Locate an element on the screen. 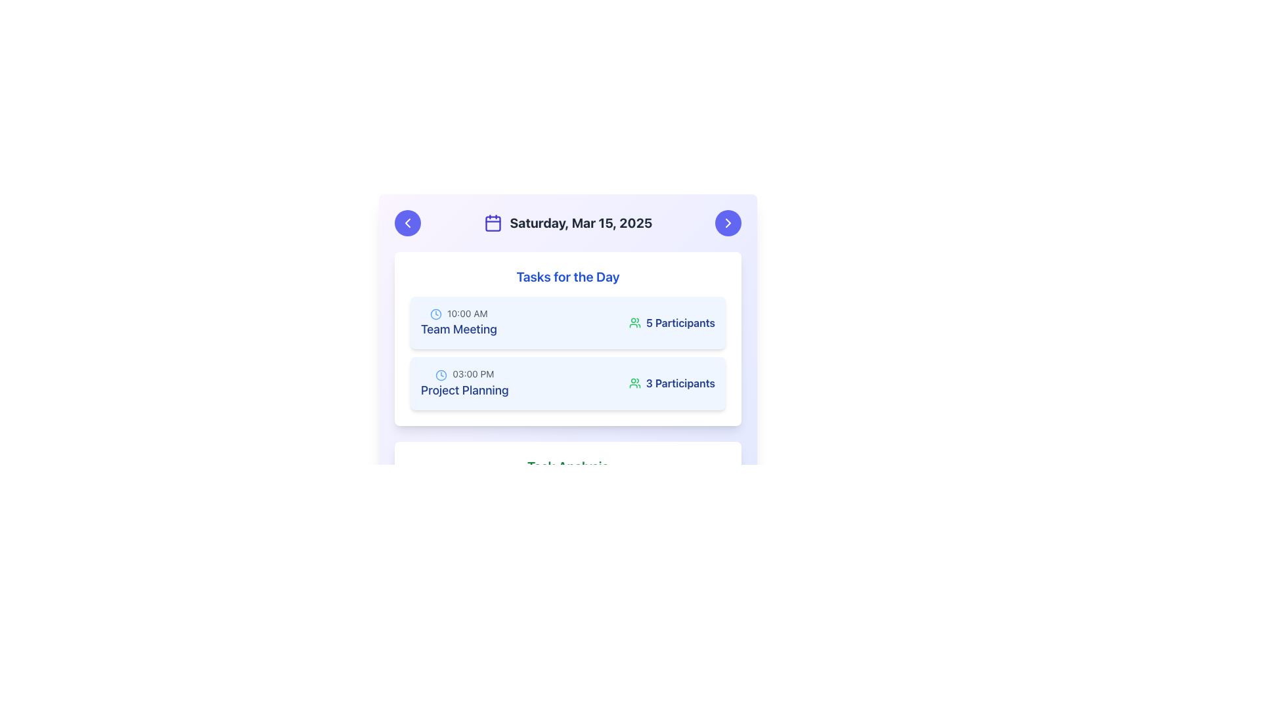 This screenshot has height=709, width=1261. text displayed in the Text Display with Icon located at the upper section of the interface, centered horizontally between two navigational arrows is located at coordinates (567, 222).